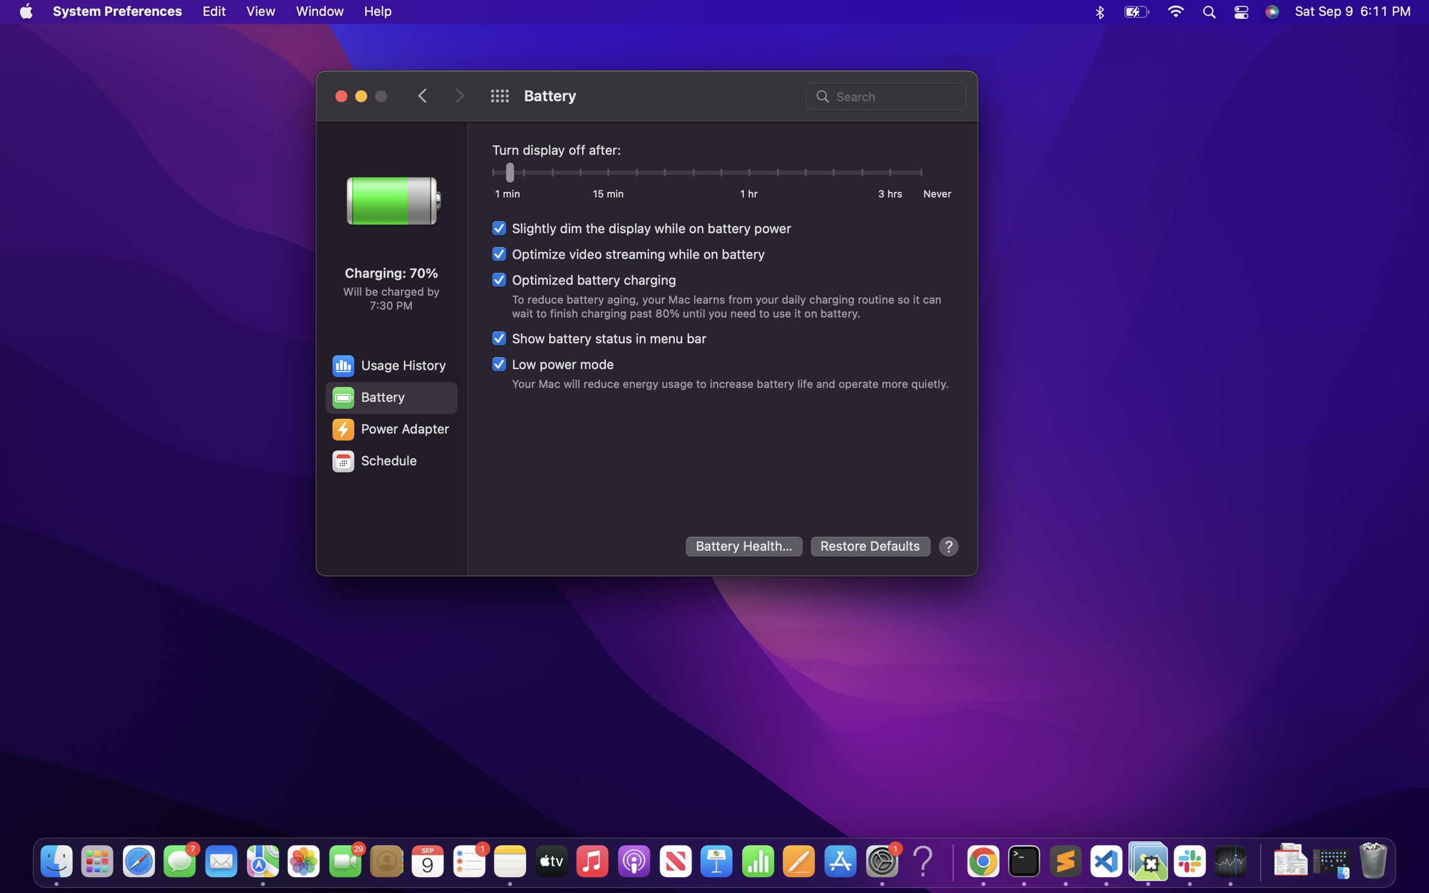 The image size is (1429, 893). Describe the element at coordinates (749, 174) in the screenshot. I see `to maintain the screen display indefinitely after 60 minutes` at that location.